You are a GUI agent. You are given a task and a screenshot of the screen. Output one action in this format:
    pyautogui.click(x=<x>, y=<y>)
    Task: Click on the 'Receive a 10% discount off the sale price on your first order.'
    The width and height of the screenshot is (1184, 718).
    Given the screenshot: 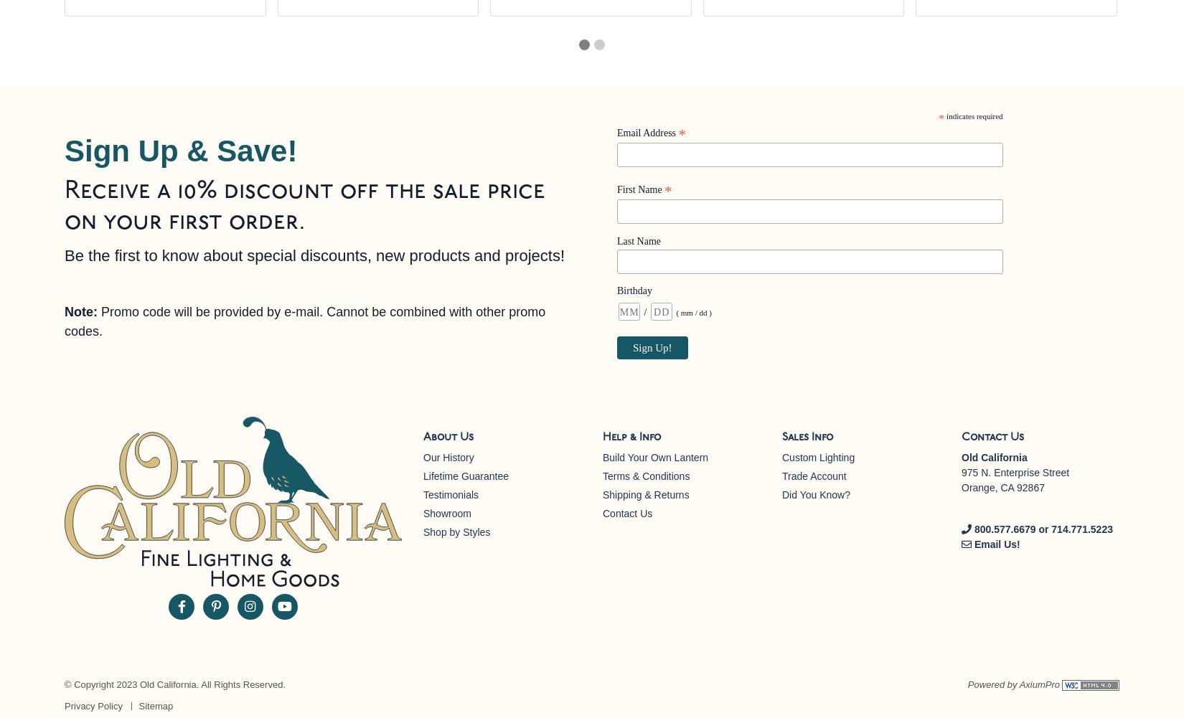 What is the action you would take?
    pyautogui.click(x=304, y=207)
    